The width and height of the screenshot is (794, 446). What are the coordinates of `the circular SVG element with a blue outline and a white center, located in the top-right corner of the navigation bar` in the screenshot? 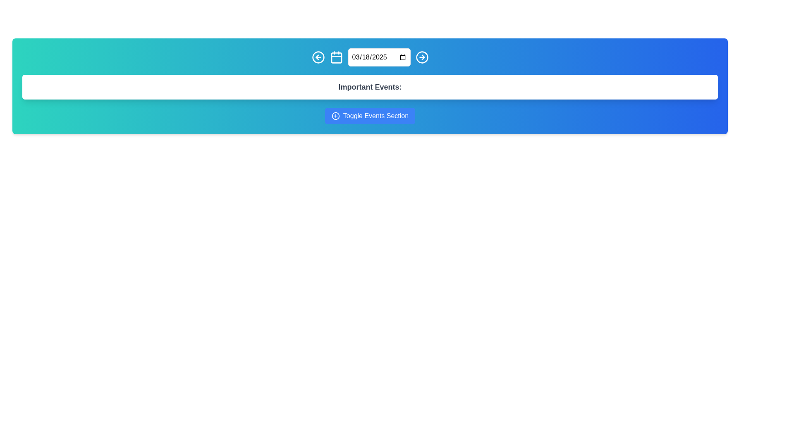 It's located at (422, 57).